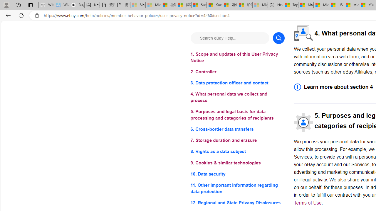 This screenshot has height=211, width=376. Describe the element at coordinates (237, 72) in the screenshot. I see `'2. Controller'` at that location.